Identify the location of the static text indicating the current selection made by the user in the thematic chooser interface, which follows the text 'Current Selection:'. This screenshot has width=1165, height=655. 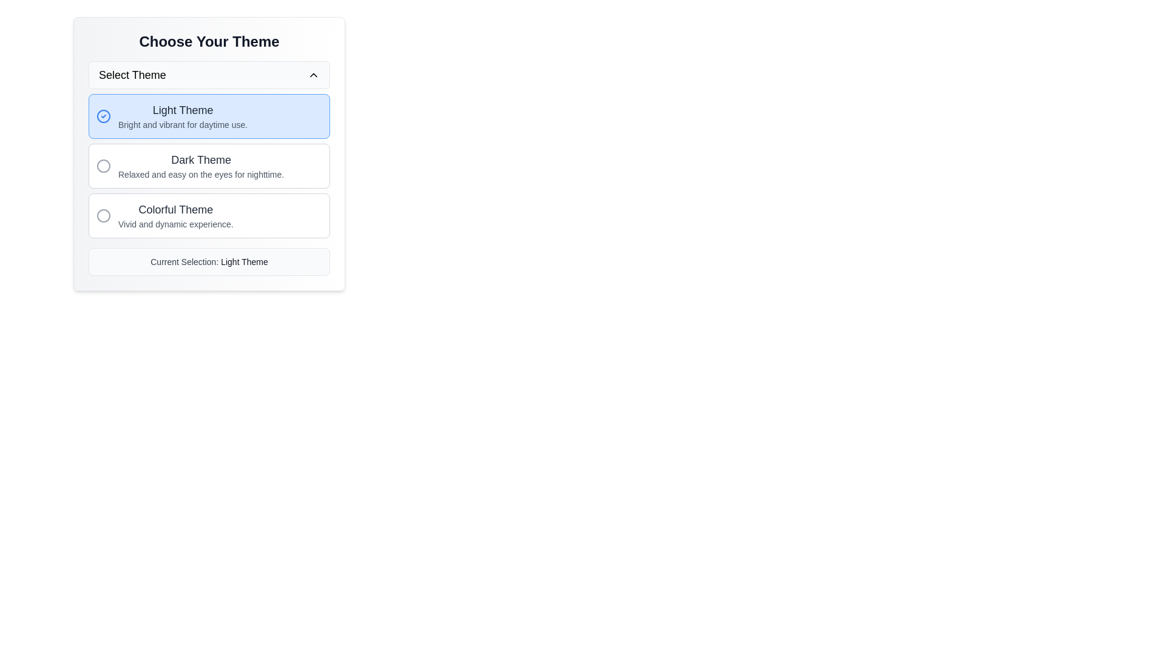
(244, 261).